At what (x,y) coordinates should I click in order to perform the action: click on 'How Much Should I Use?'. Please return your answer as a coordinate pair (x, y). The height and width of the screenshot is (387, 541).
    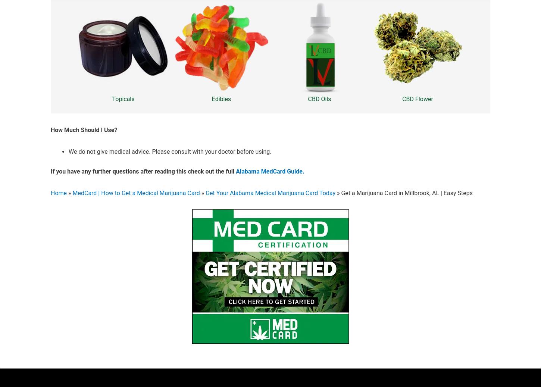
    Looking at the image, I should click on (84, 129).